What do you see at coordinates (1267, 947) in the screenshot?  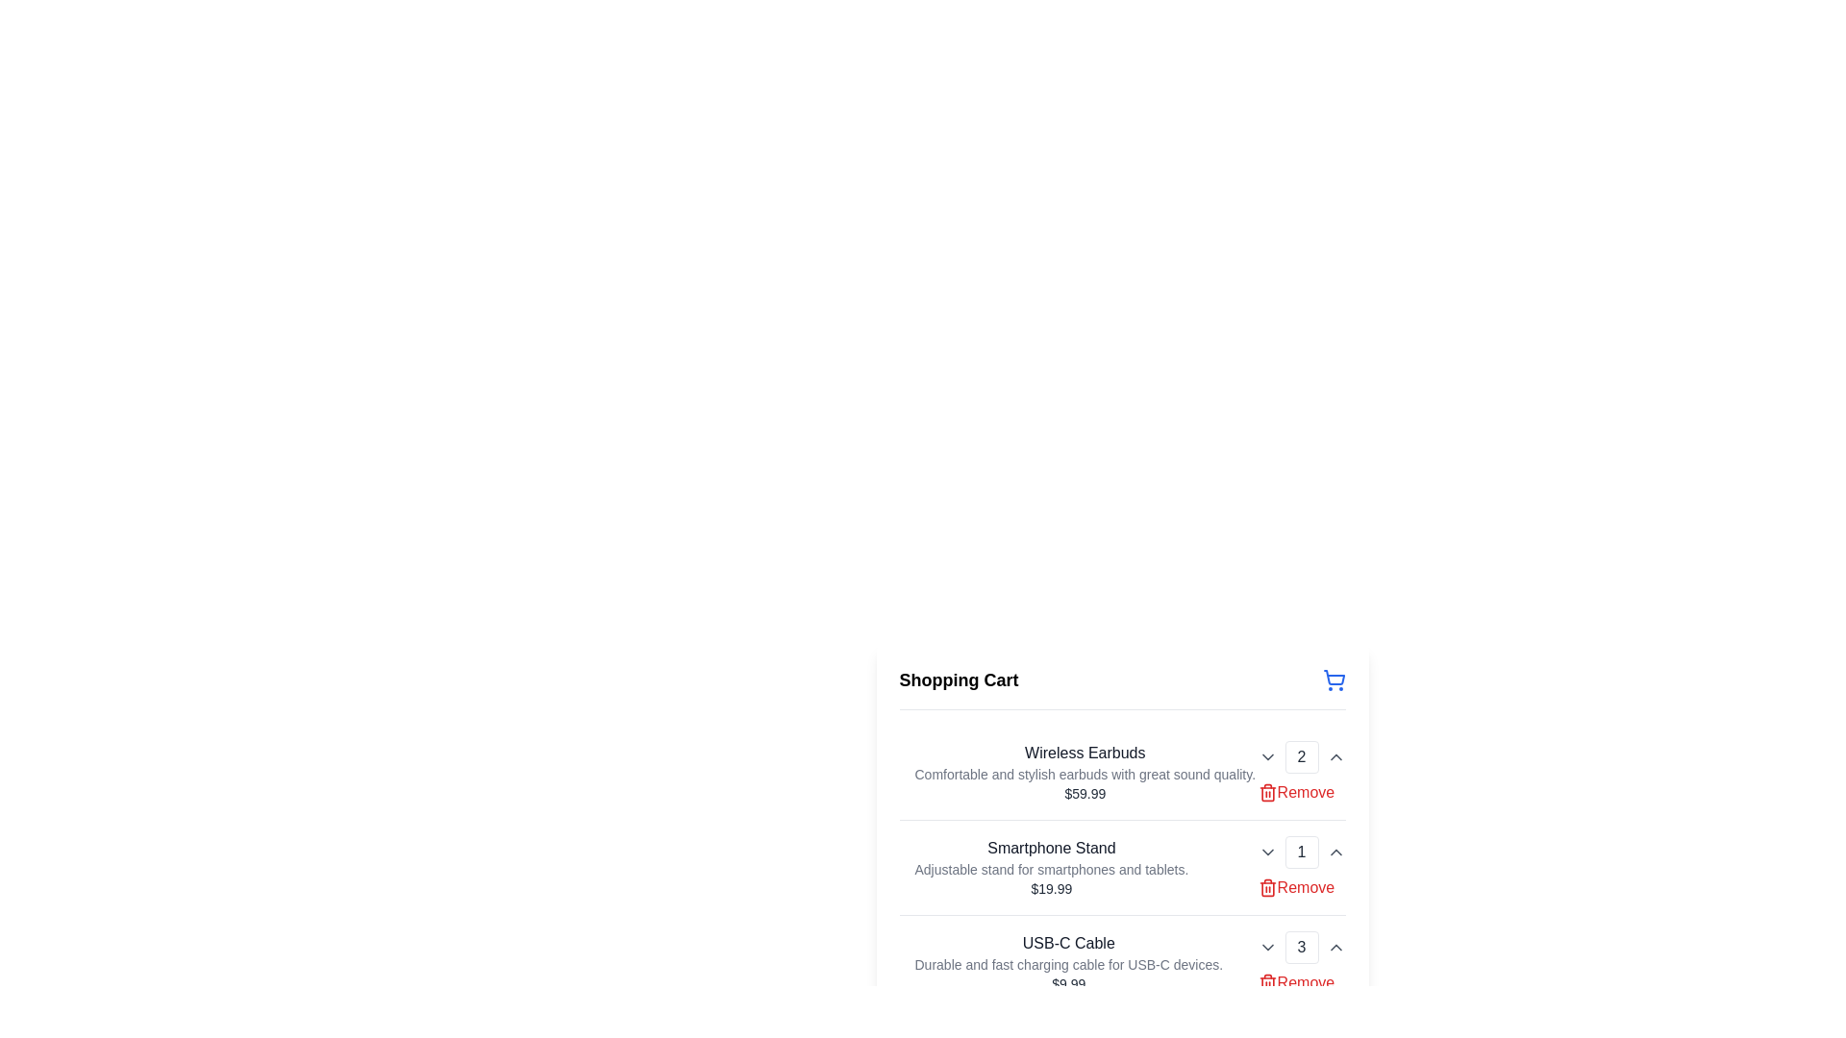 I see `the button located to the left of the numeral '3' in the quantity adjustment section of the 'USB-C Cable' cart item row to decrease the item quantity` at bounding box center [1267, 947].